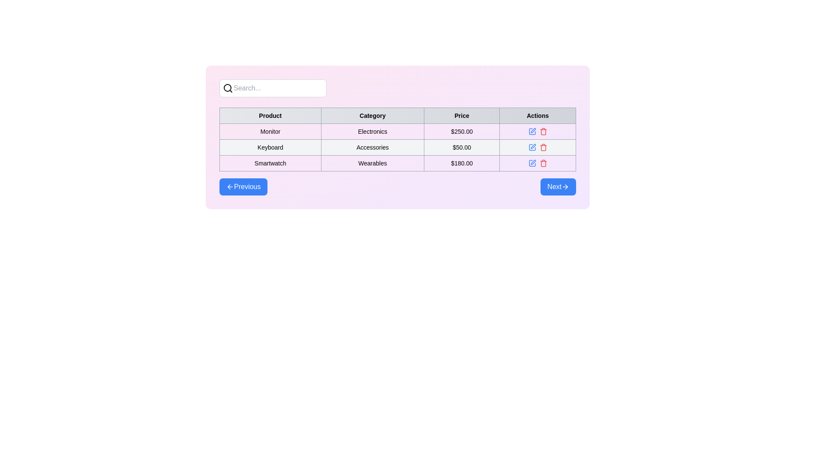 Image resolution: width=823 pixels, height=463 pixels. Describe the element at coordinates (461, 147) in the screenshot. I see `value displayed in the cell under the 'Price' header, which shows '$50.00' in black font within a bordered, centered cell` at that location.